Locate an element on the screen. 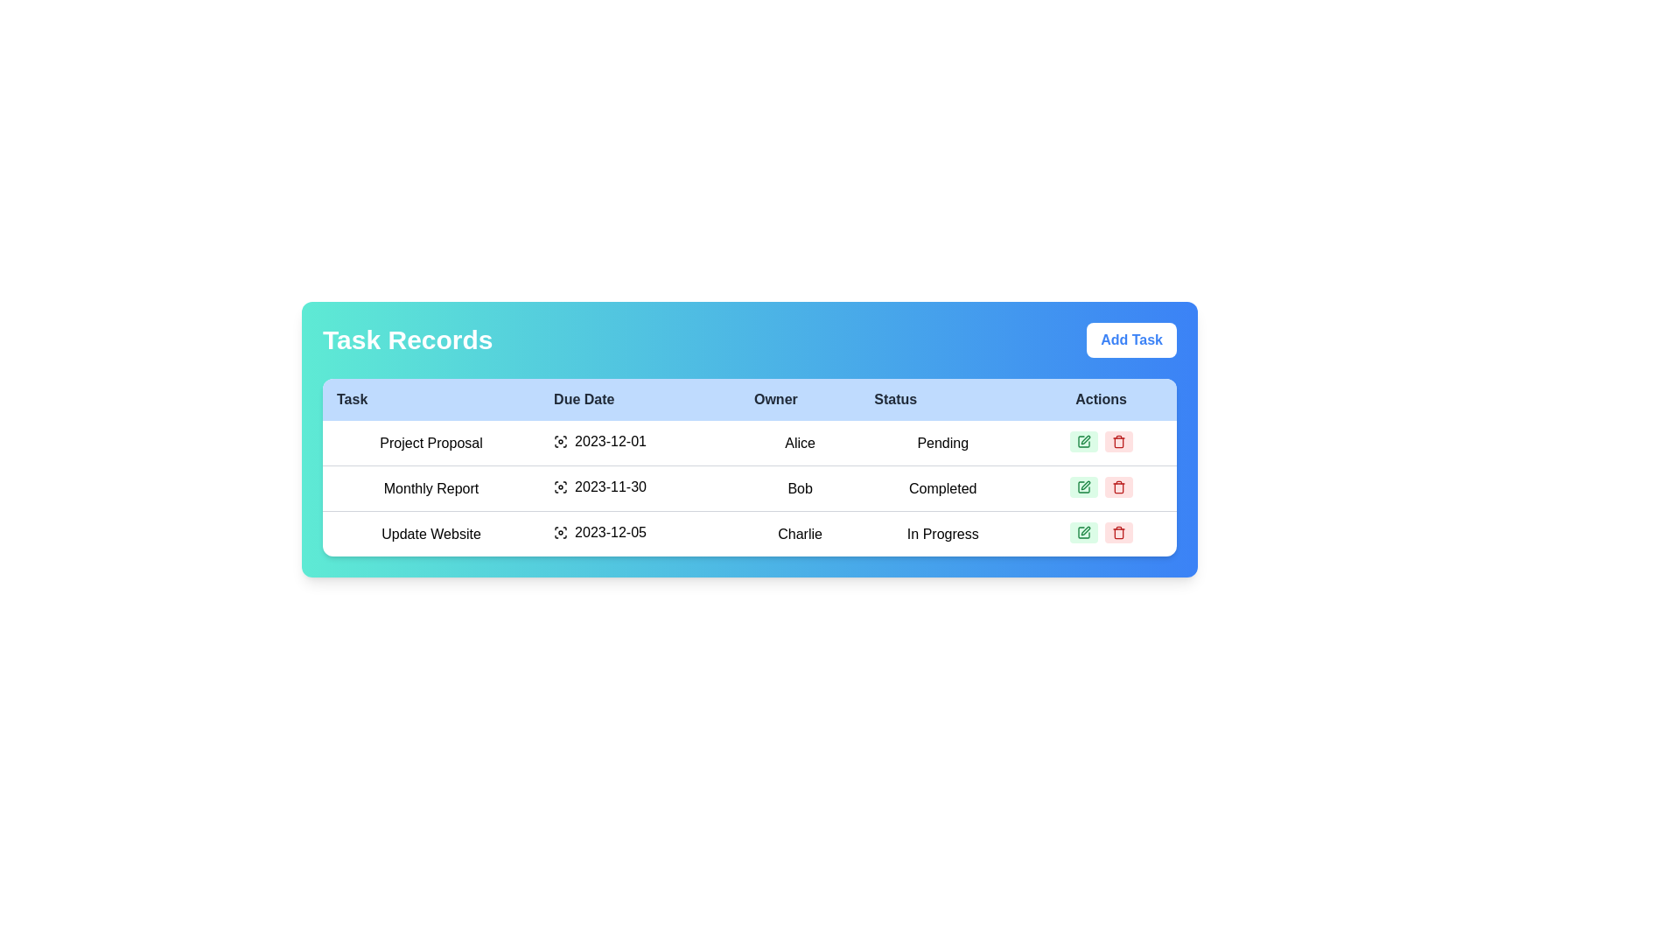  the edit button in the 'Actions' column of the first row associated with the 'Project Proposal' task is located at coordinates (1082, 441).